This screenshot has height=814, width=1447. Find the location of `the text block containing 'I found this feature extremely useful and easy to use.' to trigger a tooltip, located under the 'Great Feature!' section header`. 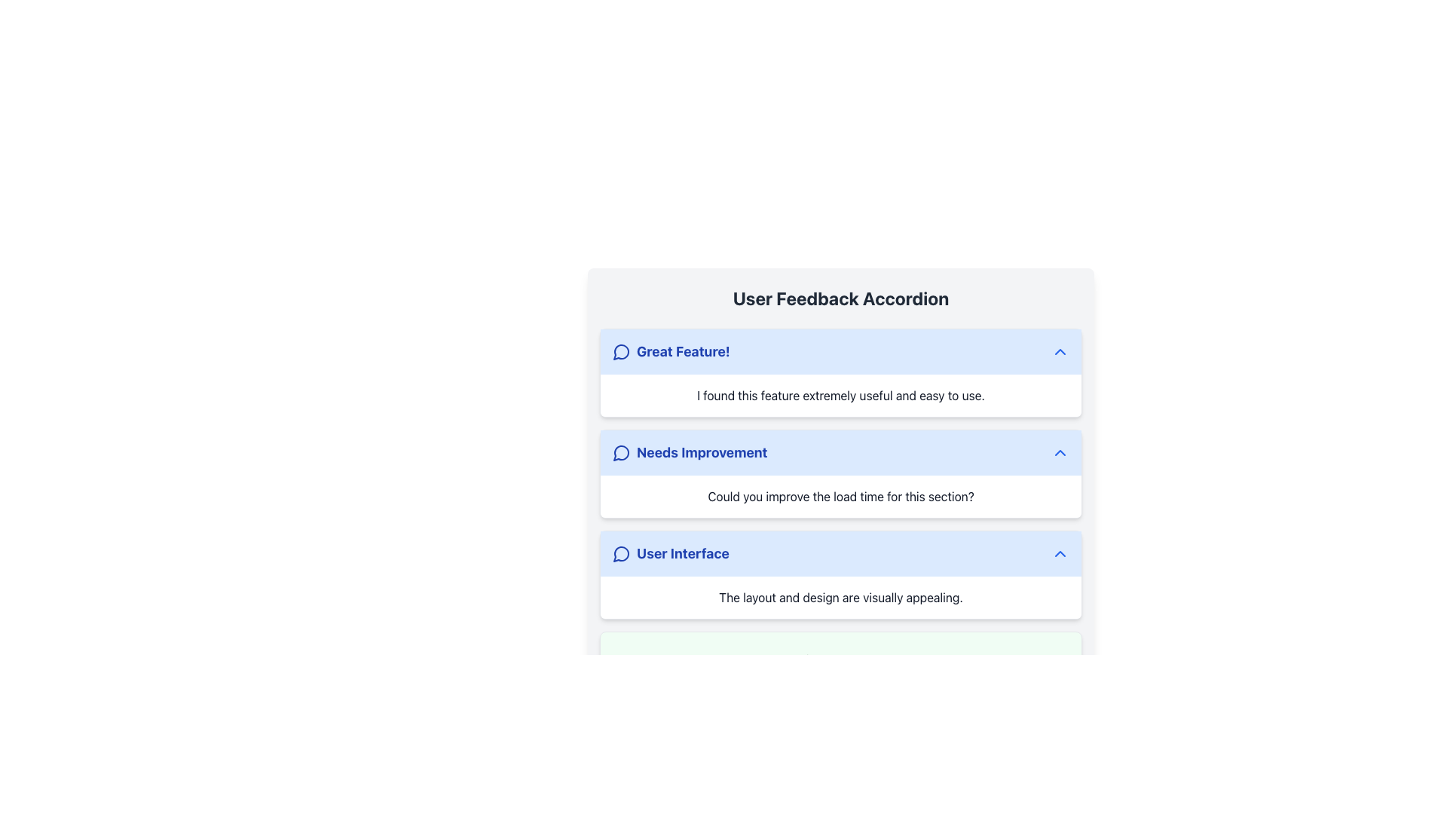

the text block containing 'I found this feature extremely useful and easy to use.' to trigger a tooltip, located under the 'Great Feature!' section header is located at coordinates (840, 394).